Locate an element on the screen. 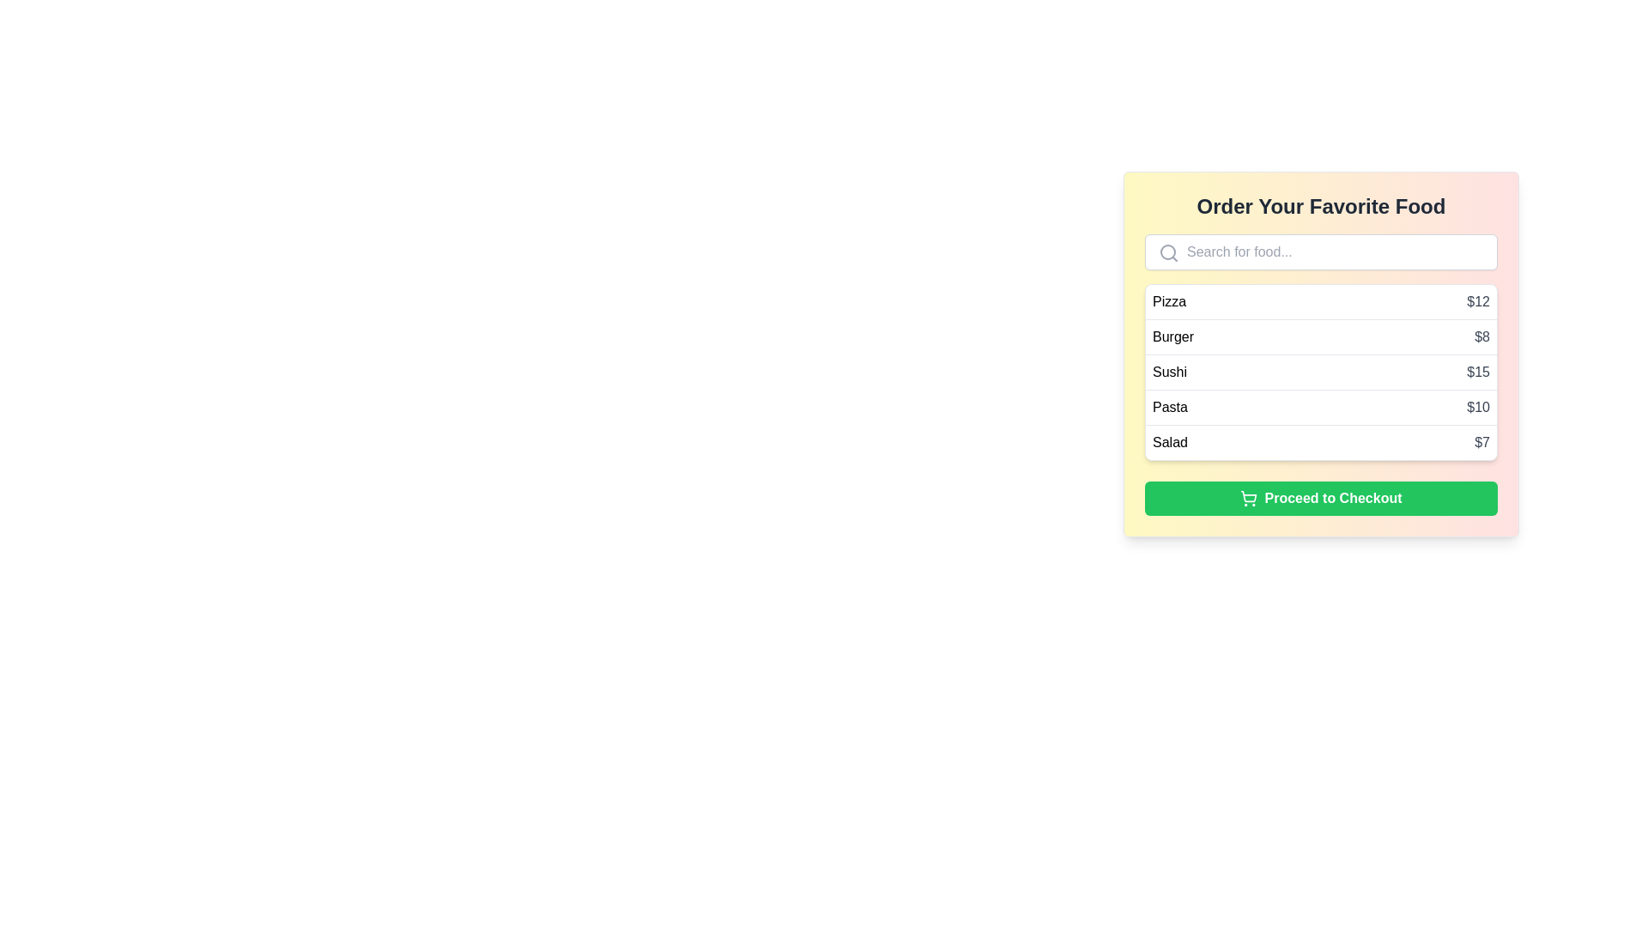 The width and height of the screenshot is (1648, 927). the static text displaying '$15' which is styled in a medium-sized gray font and located at the far-right side of the item row for 'Sushi', adjacent to the price information is located at coordinates (1477, 372).